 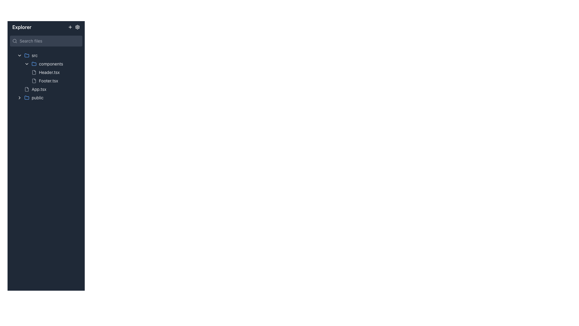 What do you see at coordinates (27, 56) in the screenshot?
I see `the small blue folder icon located to the left of the 'src' text label in the file explorer interface` at bounding box center [27, 56].